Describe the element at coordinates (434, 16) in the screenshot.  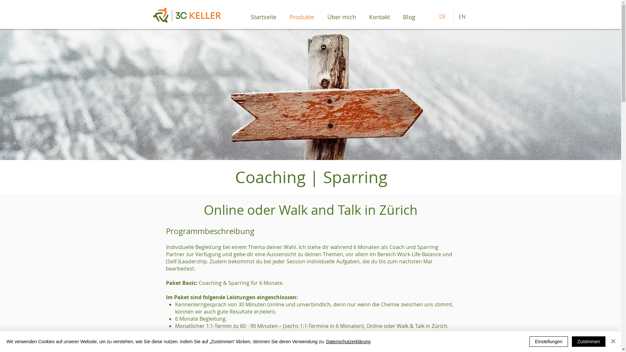
I see `'DE'` at that location.